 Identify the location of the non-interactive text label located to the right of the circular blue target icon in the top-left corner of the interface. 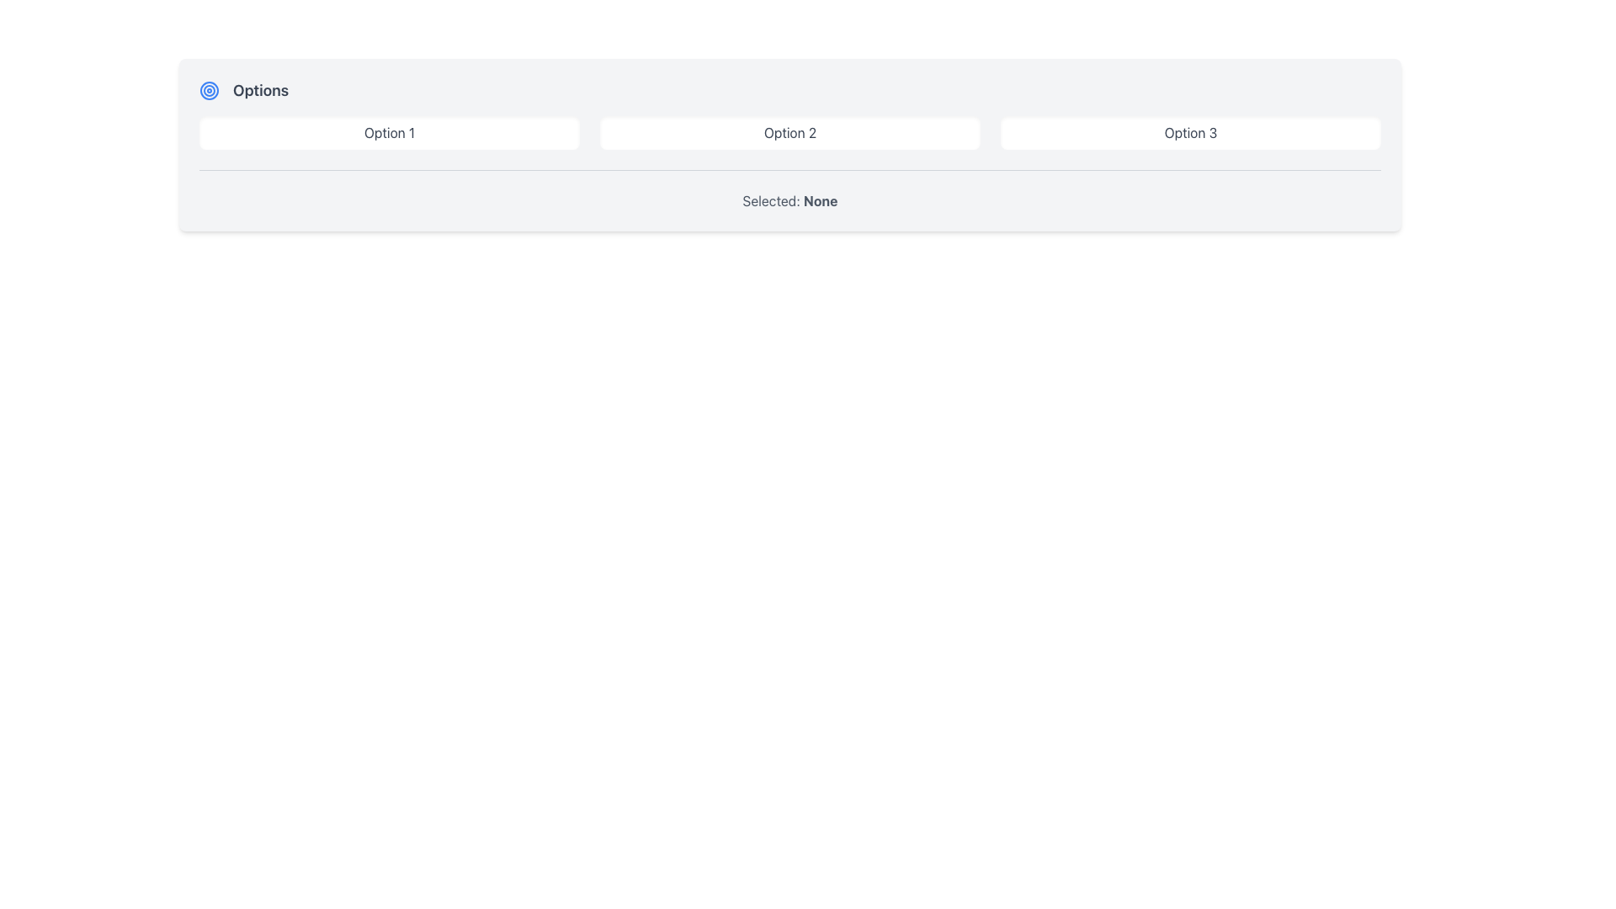
(260, 91).